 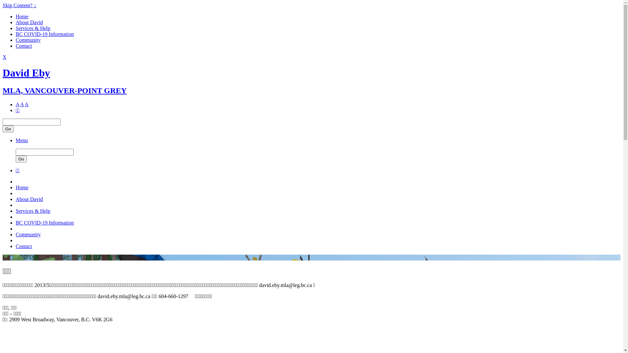 What do you see at coordinates (16, 28) in the screenshot?
I see `'Services & Help'` at bounding box center [16, 28].